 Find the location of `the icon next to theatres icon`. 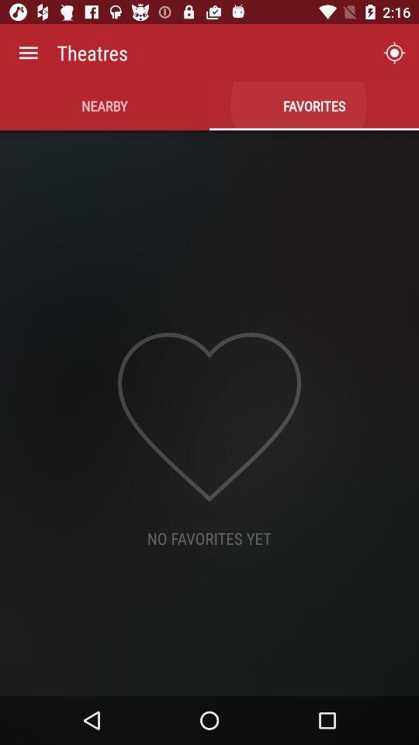

the icon next to theatres icon is located at coordinates (394, 53).